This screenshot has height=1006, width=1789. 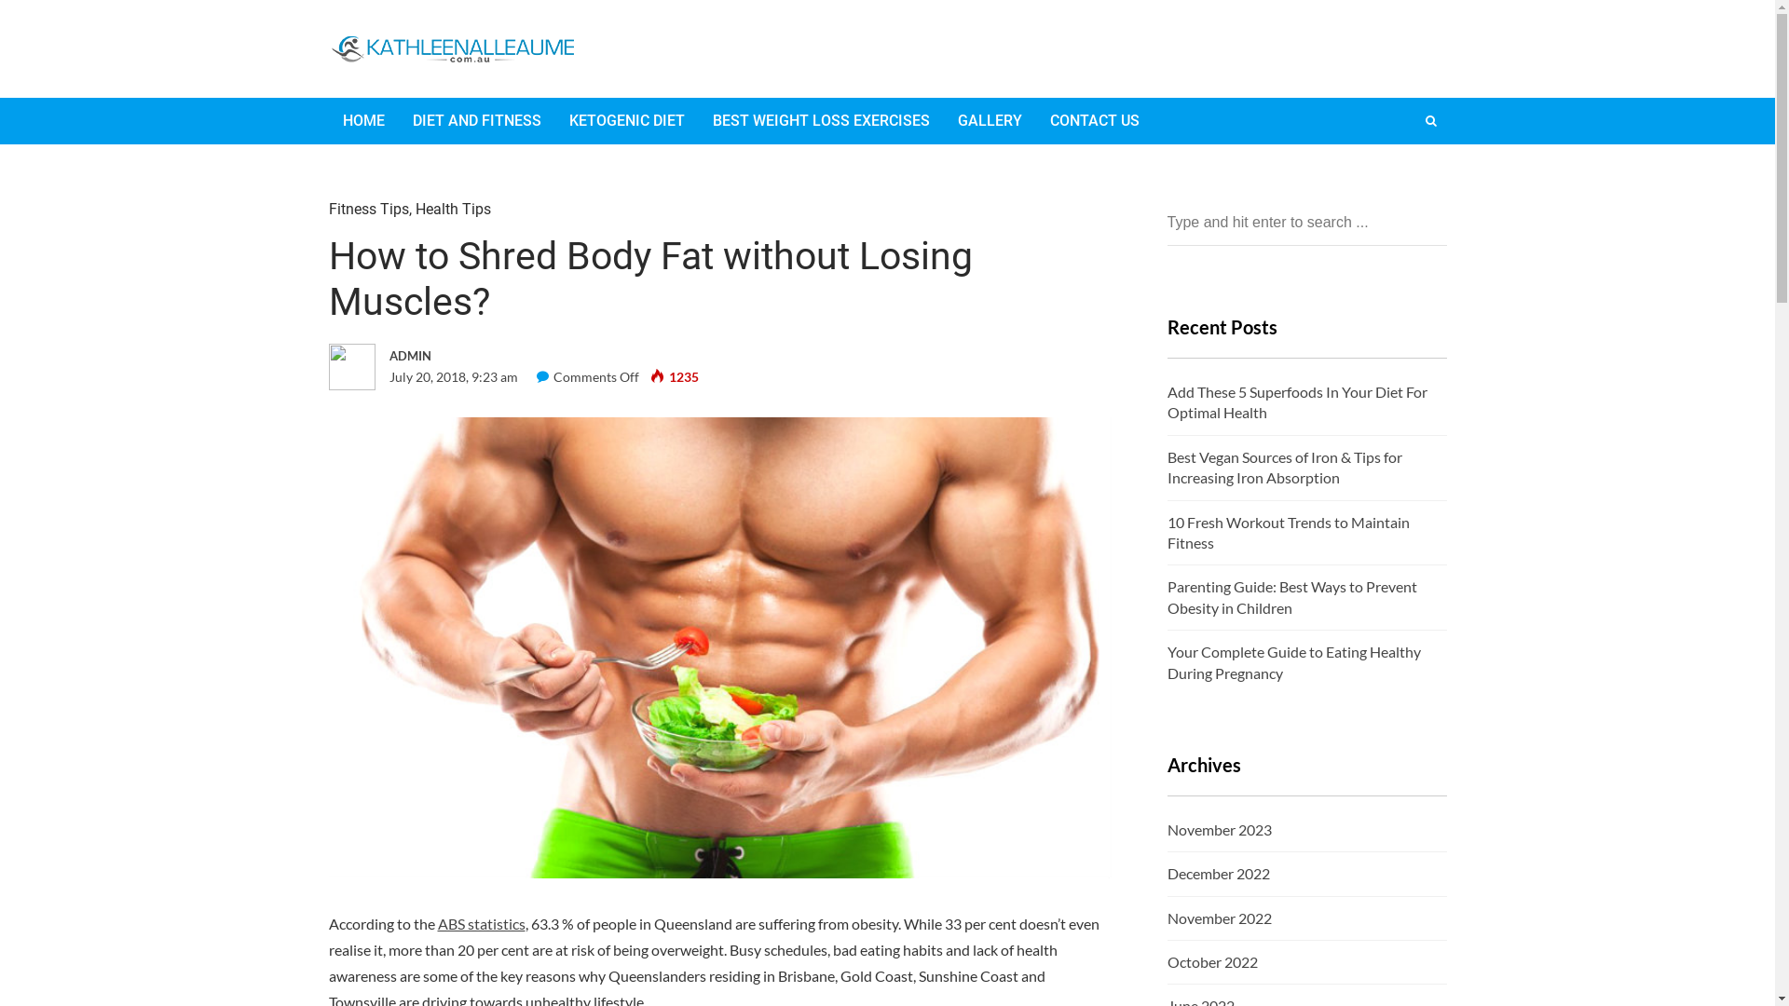 I want to click on 'October 2022', so click(x=1211, y=962).